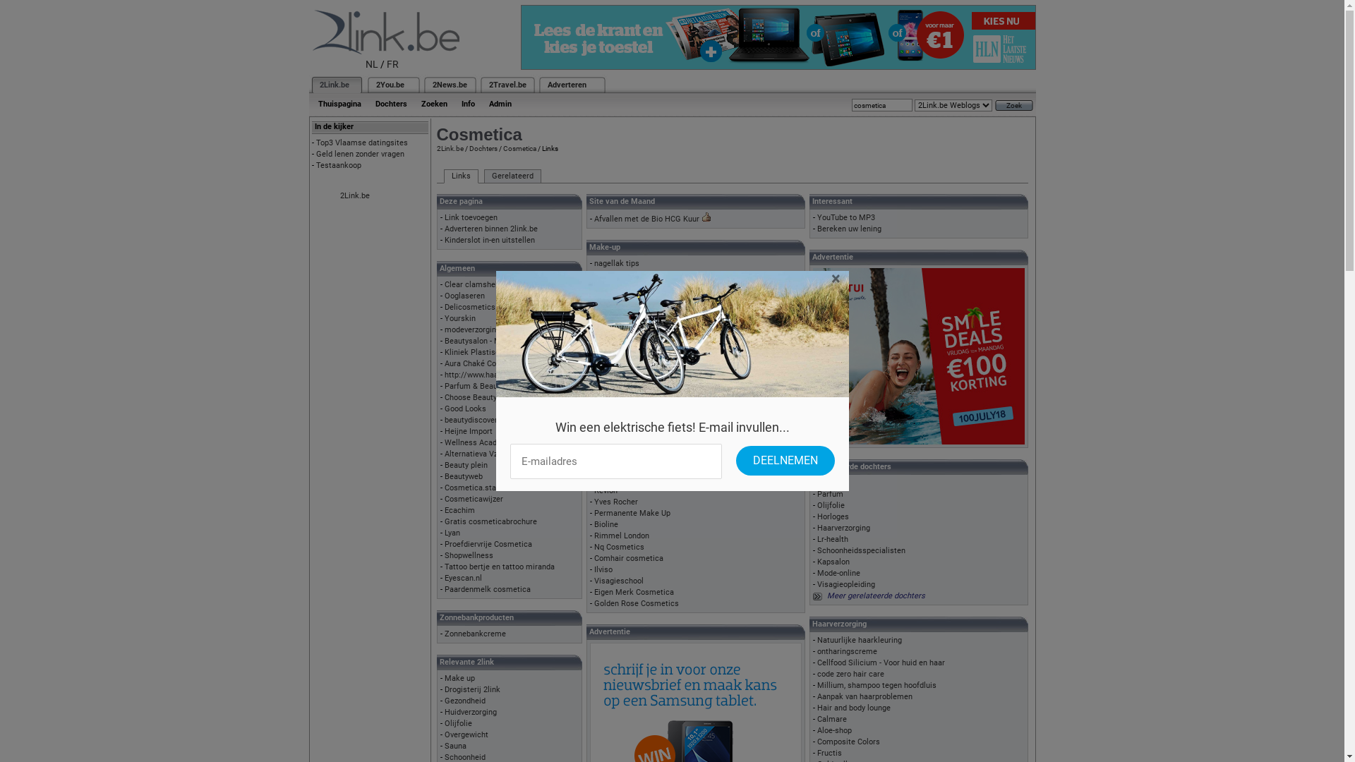 The image size is (1355, 762). I want to click on 'Choose Beauty', so click(471, 397).